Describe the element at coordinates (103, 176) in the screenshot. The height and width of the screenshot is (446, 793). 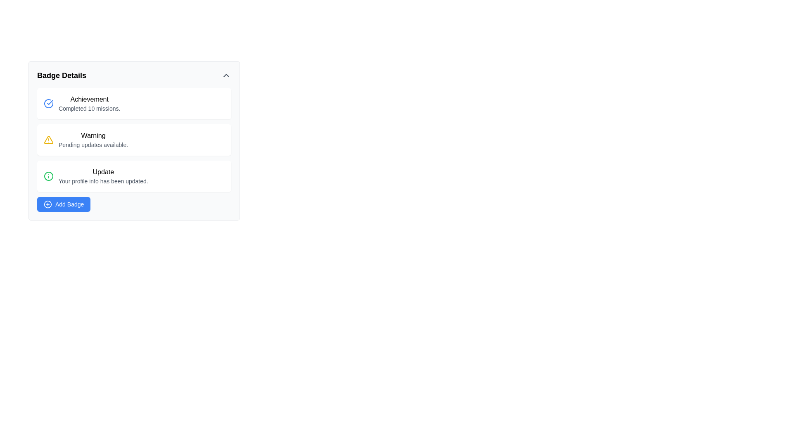
I see `the informational message that contains a bold 'Update' heading and a smaller gray description 'Your profile info has been updated.' positioned in the third section of the 'Badge Details' card` at that location.